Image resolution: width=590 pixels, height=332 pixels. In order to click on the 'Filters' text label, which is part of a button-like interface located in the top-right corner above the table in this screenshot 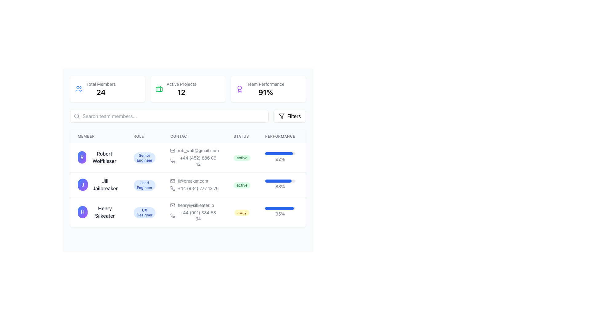, I will do `click(293, 116)`.